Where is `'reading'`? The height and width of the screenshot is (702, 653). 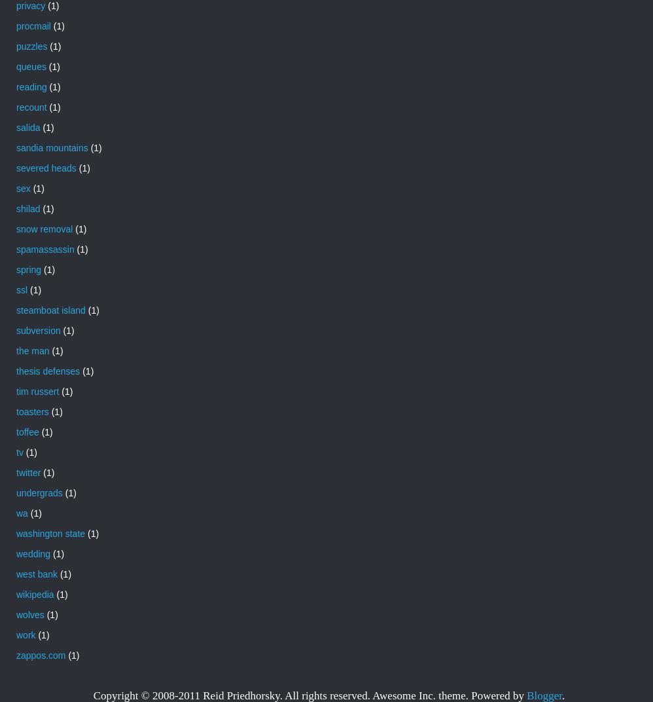 'reading' is located at coordinates (31, 86).